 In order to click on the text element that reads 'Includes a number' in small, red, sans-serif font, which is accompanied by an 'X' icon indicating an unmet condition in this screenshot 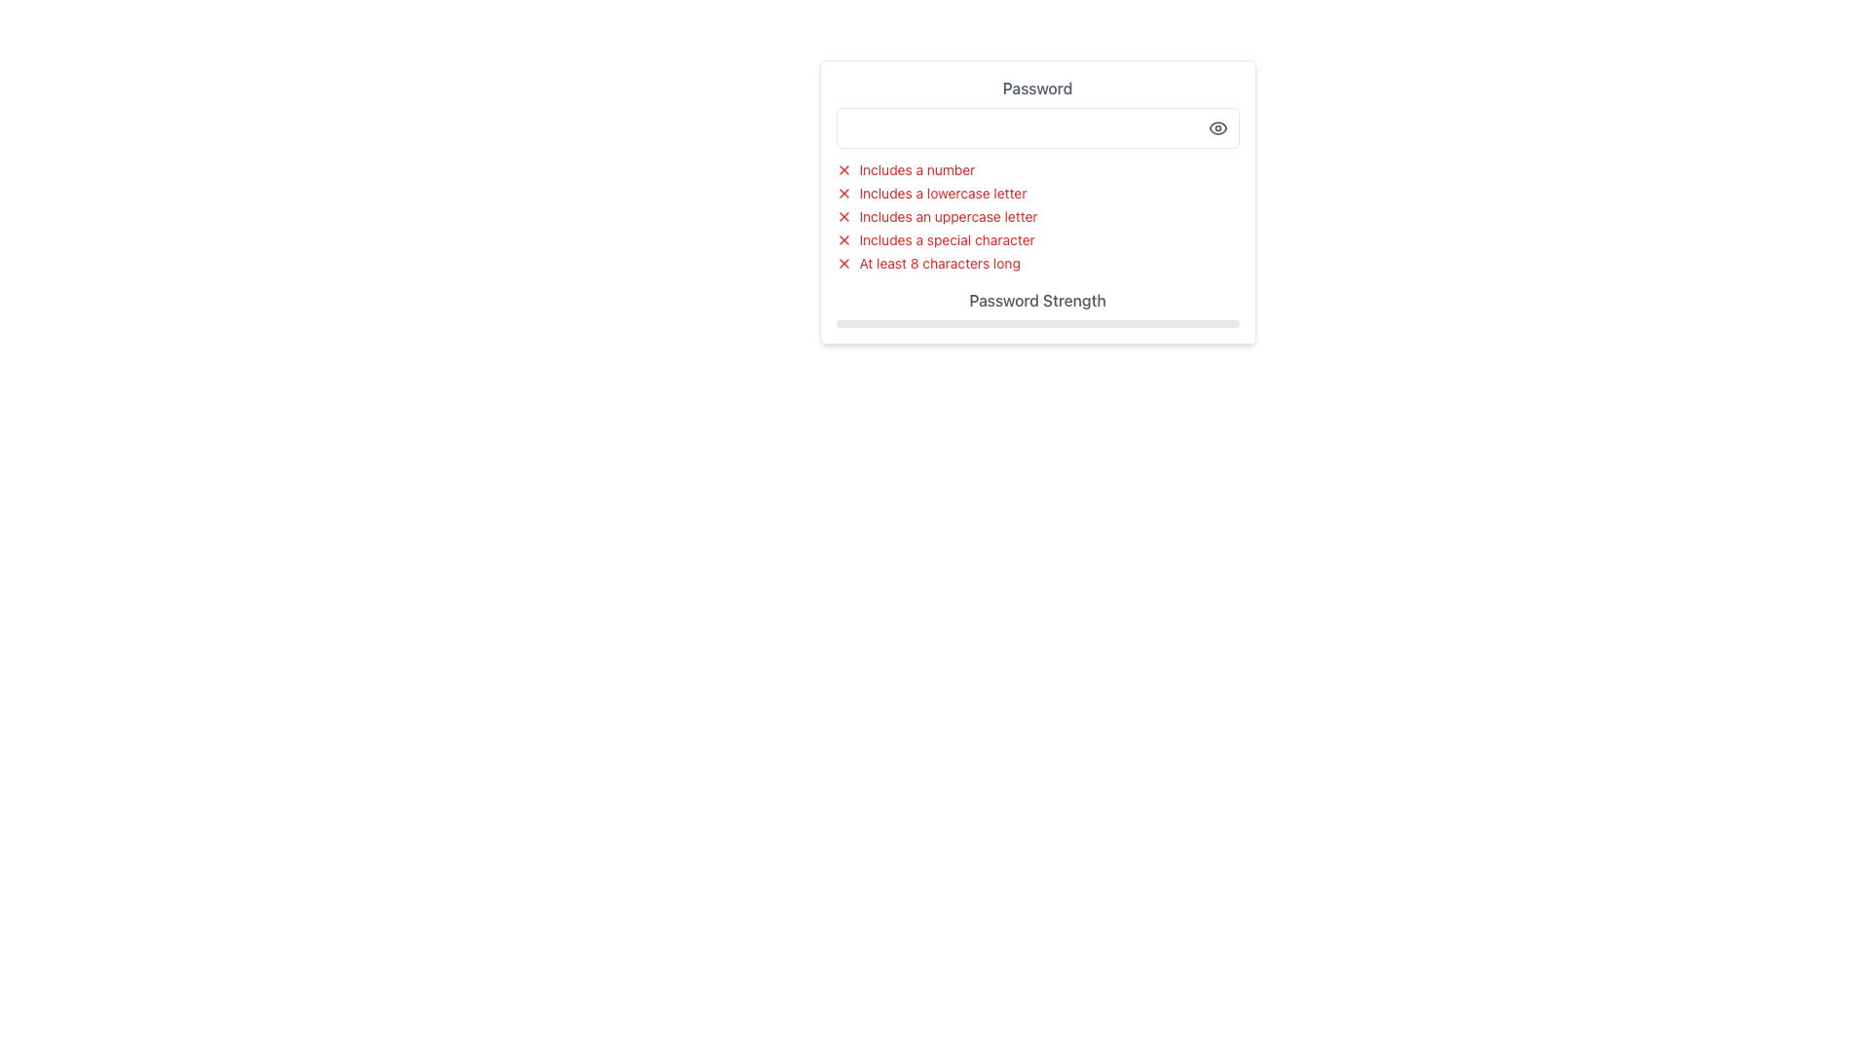, I will do `click(1036, 168)`.